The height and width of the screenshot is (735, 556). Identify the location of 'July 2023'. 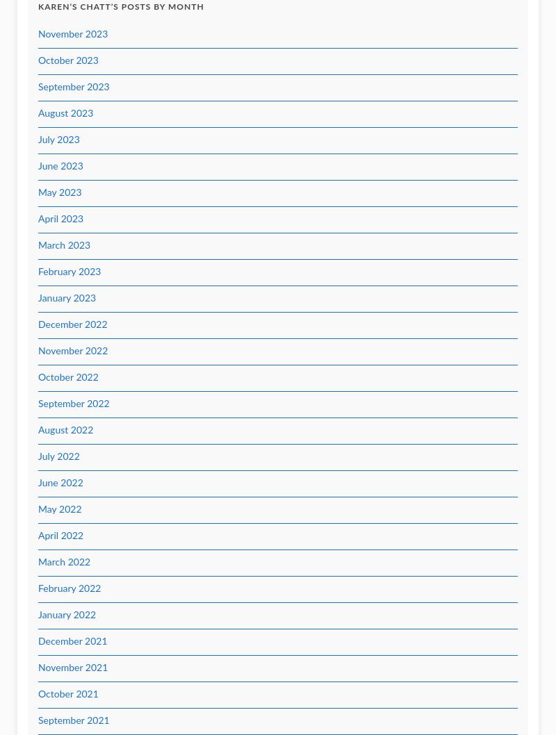
(58, 140).